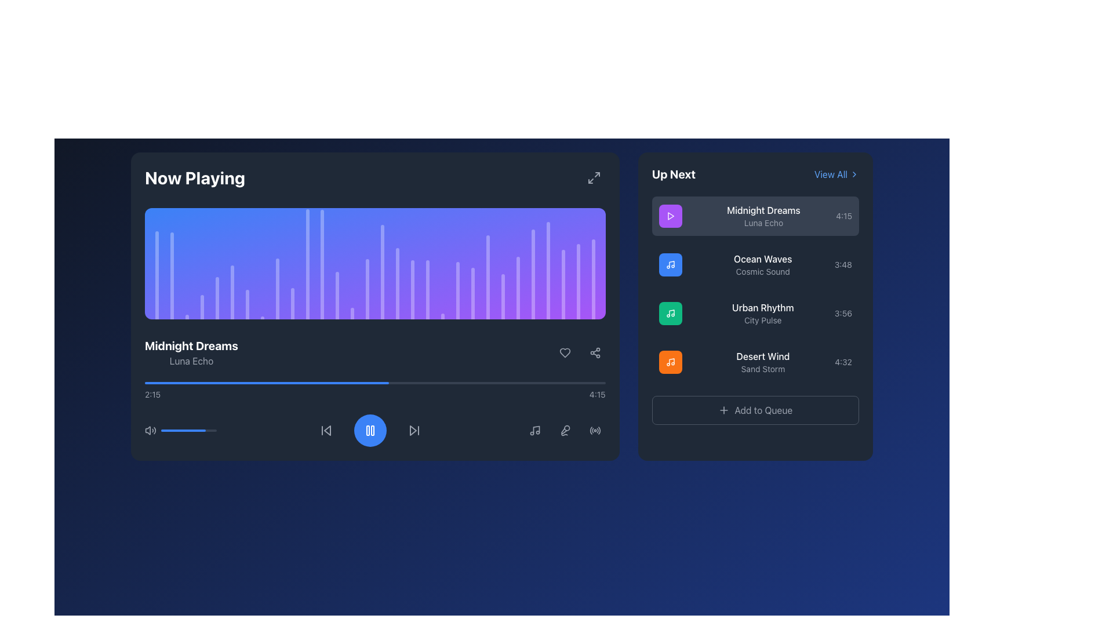  Describe the element at coordinates (172, 431) in the screenshot. I see `the volume` at that location.